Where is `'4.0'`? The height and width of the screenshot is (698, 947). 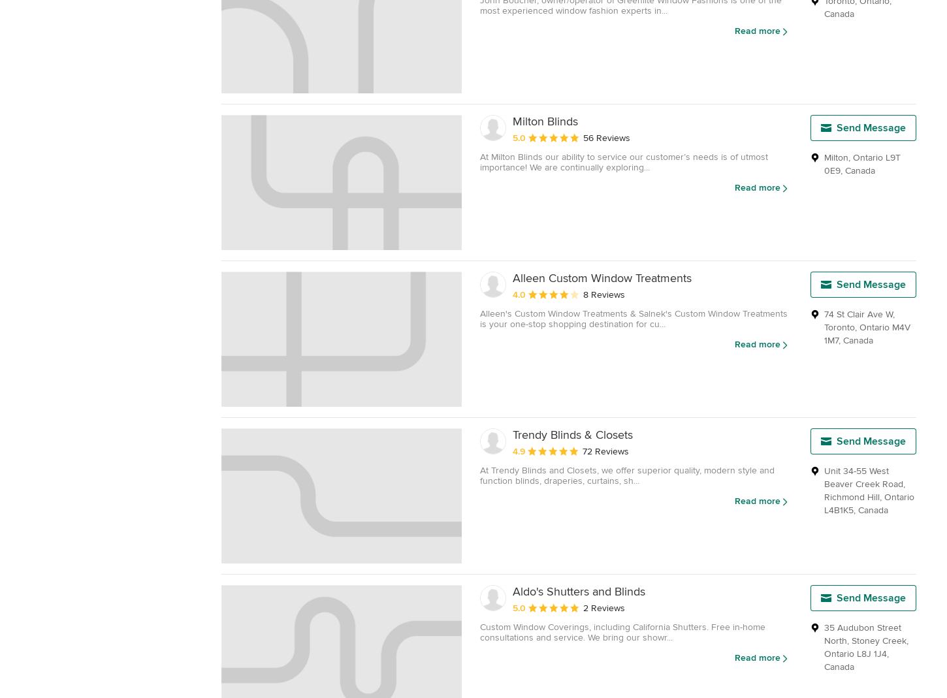 '4.0' is located at coordinates (513, 293).